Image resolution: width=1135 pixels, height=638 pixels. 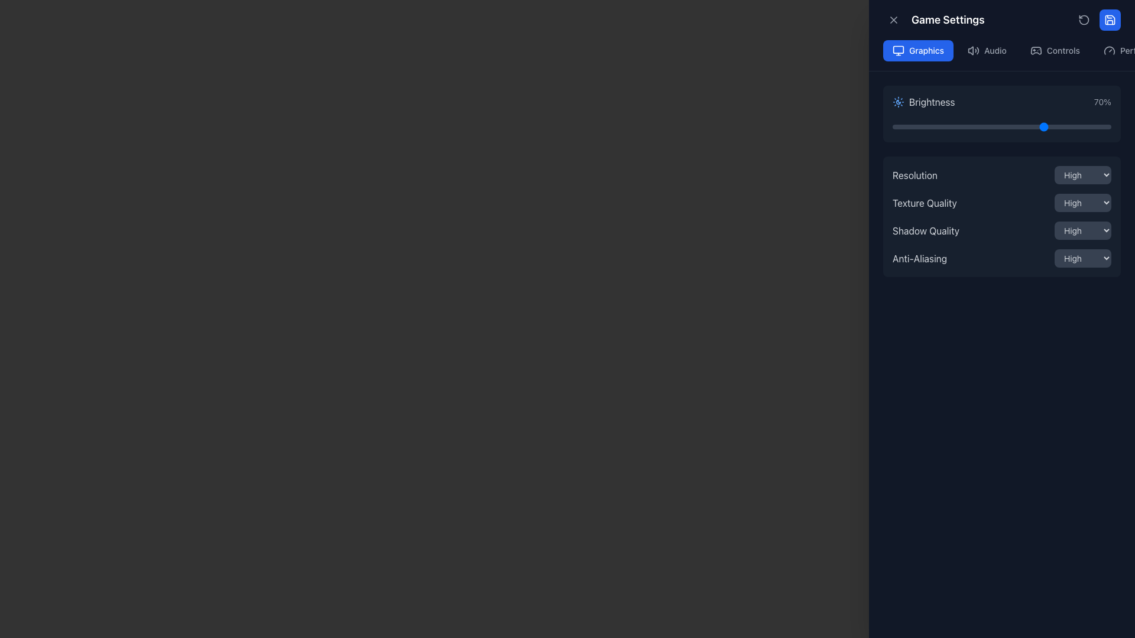 What do you see at coordinates (1001, 230) in the screenshot?
I see `the shadow quality dropdown menu in the graphics options, which is the third row below 'Texture Quality' and above 'Anti-Aliasing'` at bounding box center [1001, 230].